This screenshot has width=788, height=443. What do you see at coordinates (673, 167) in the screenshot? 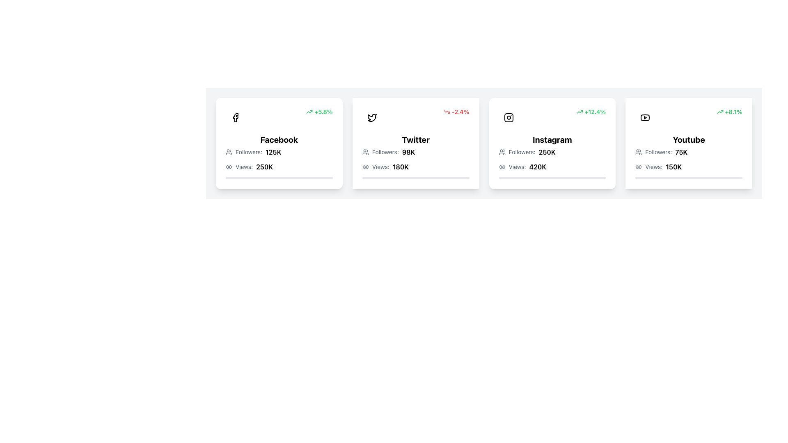
I see `the bold text component displaying '150K' located next to the word 'Views:' in the Youtube card` at bounding box center [673, 167].